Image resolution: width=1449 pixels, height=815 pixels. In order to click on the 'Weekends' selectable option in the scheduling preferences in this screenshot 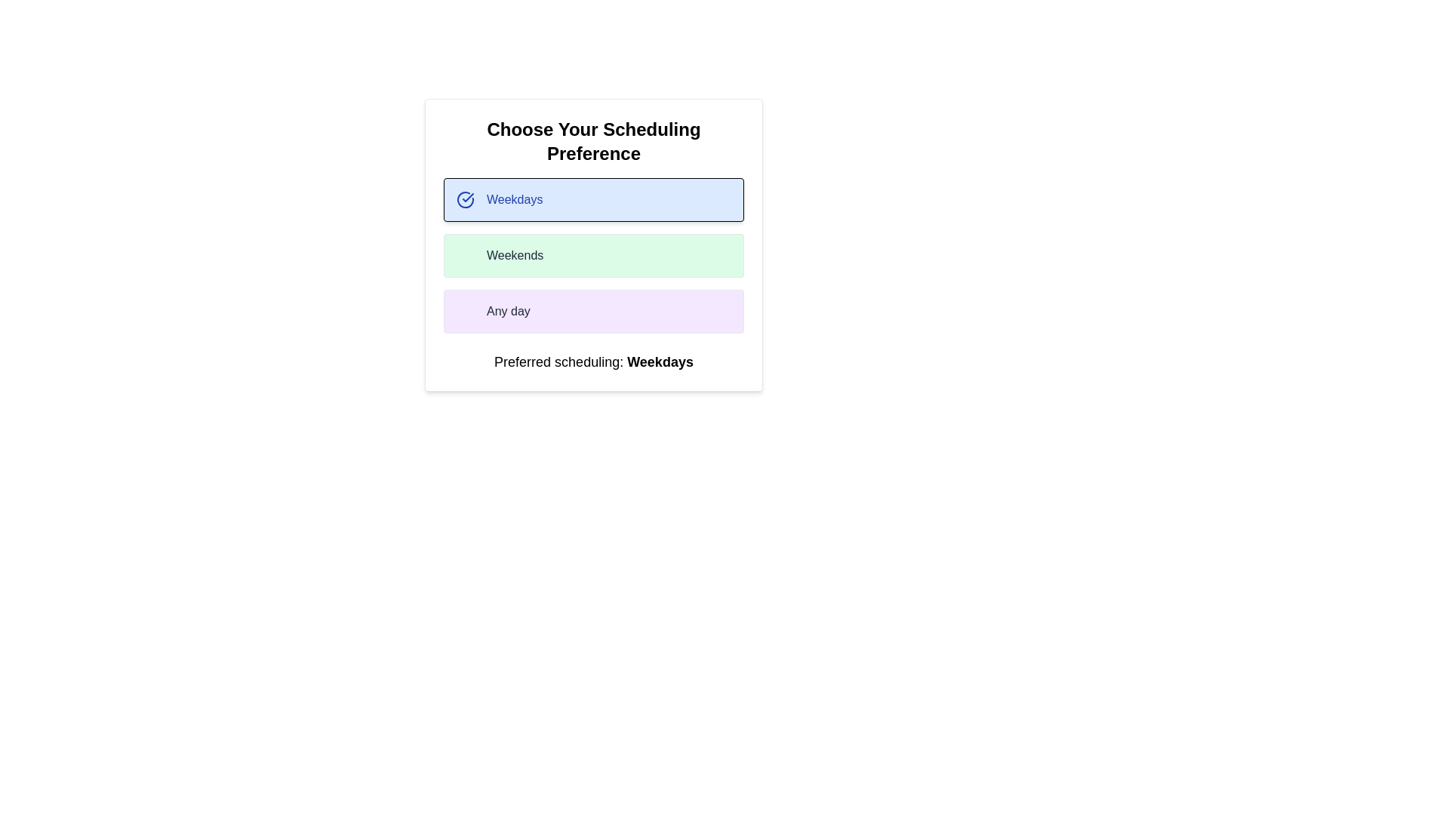, I will do `click(593, 255)`.